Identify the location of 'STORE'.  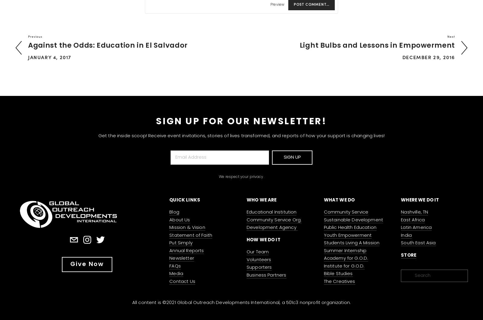
(408, 255).